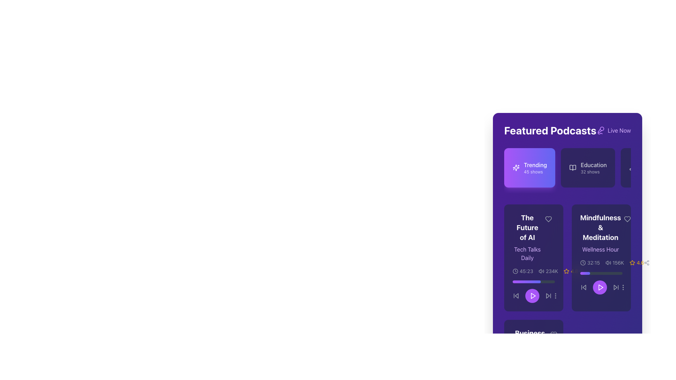 This screenshot has width=676, height=380. Describe the element at coordinates (515, 271) in the screenshot. I see `the circular SVG element representing the clock face in the audio player section for 'The Future of AI' podcast, located to the right of the playback duration time display` at that location.